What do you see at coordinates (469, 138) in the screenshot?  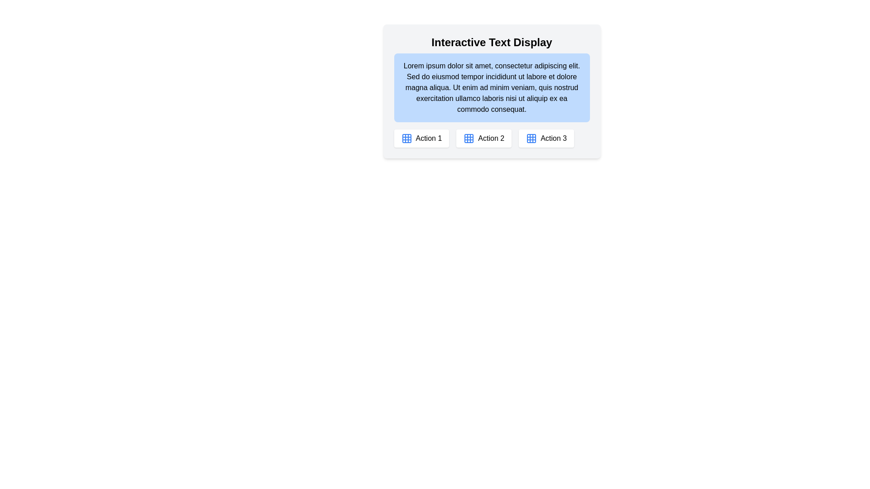 I see `the blue grid icon located to the left of the 'Action 2' button in the horizontal button group` at bounding box center [469, 138].